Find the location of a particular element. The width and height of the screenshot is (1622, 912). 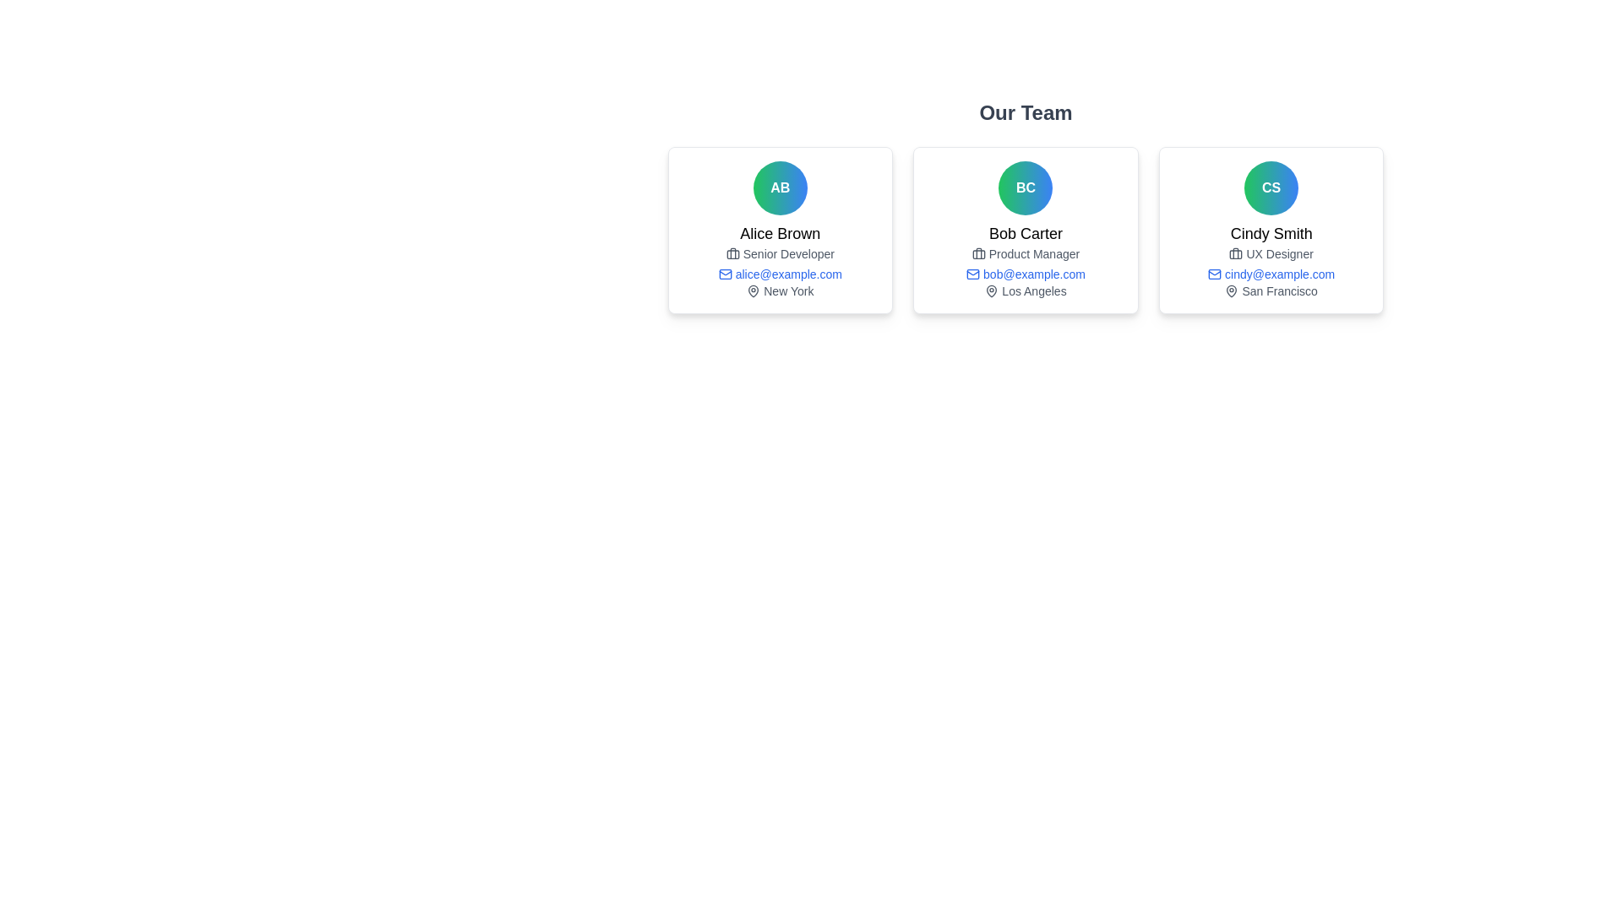

the job title label for team member Alice Brown, which is located below the name and above the email address in the left card of a three-card layout is located at coordinates (779, 253).